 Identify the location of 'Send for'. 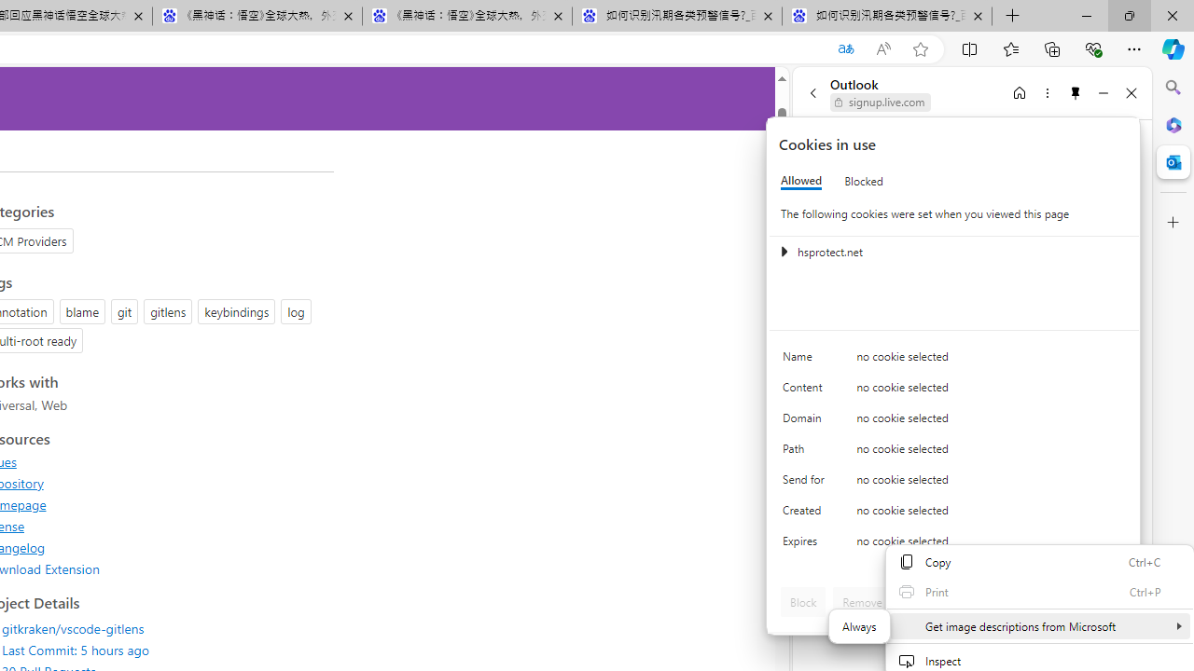
(807, 483).